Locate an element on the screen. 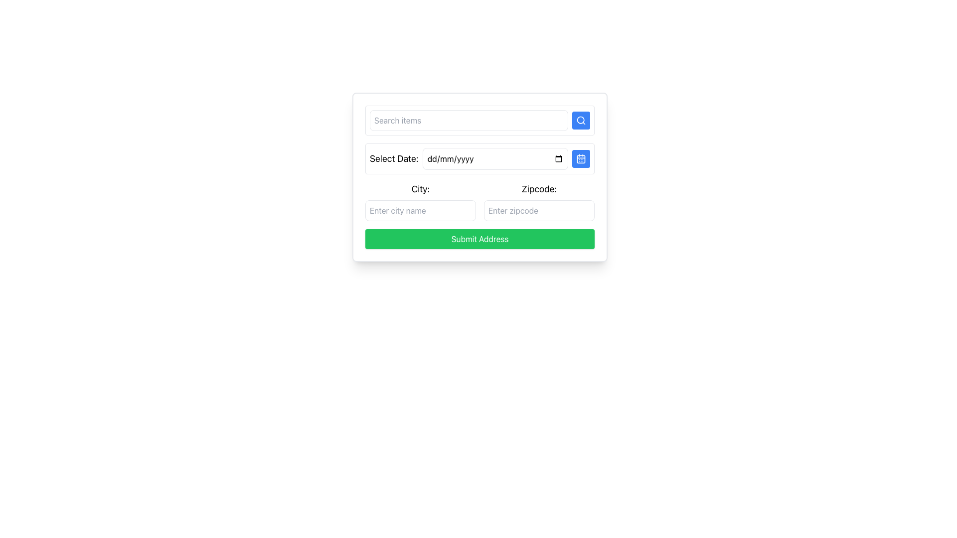  the bolded text label that says 'Select Date:' located to the left of the date input field is located at coordinates (393, 158).